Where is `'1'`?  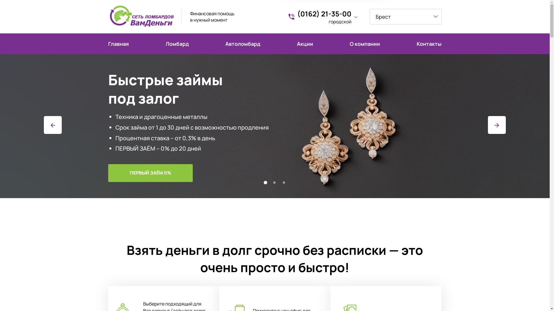
'1' is located at coordinates (266, 183).